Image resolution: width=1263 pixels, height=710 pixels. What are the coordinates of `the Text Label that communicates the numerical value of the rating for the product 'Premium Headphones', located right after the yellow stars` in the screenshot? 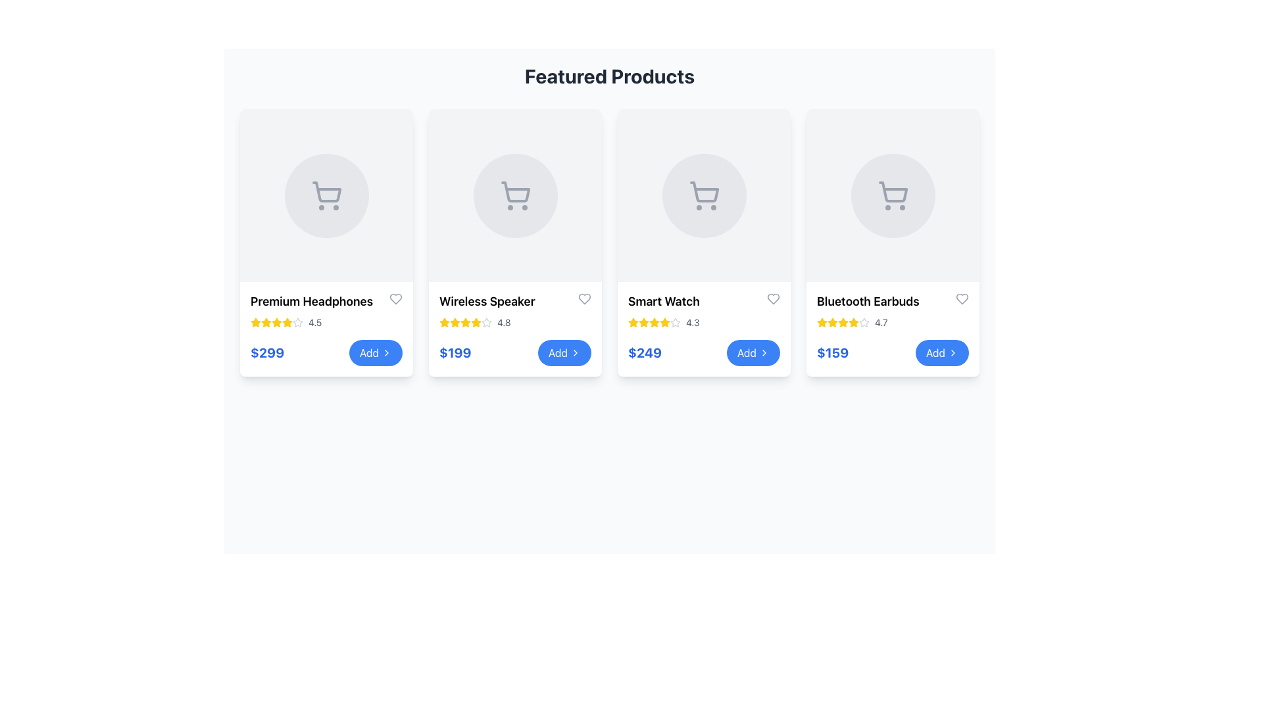 It's located at (314, 322).